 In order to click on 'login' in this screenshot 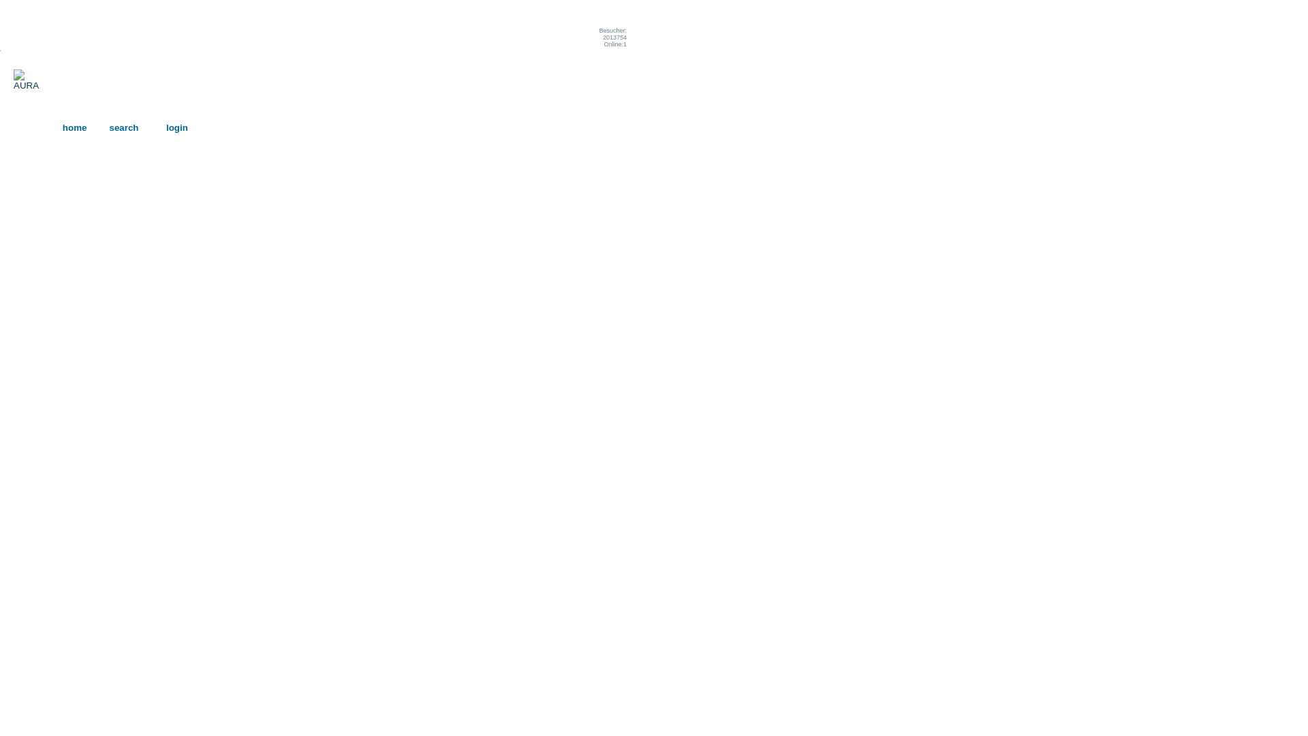, I will do `click(176, 127)`.